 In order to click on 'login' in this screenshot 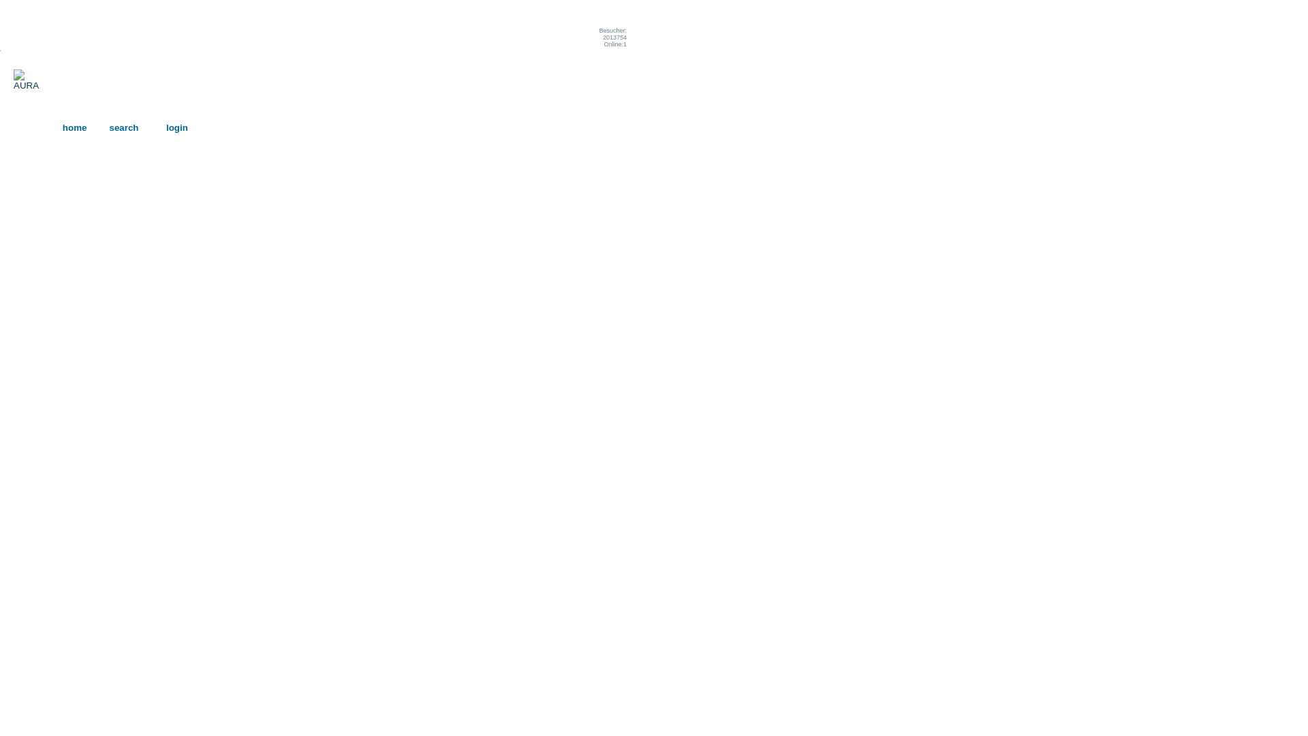, I will do `click(176, 127)`.